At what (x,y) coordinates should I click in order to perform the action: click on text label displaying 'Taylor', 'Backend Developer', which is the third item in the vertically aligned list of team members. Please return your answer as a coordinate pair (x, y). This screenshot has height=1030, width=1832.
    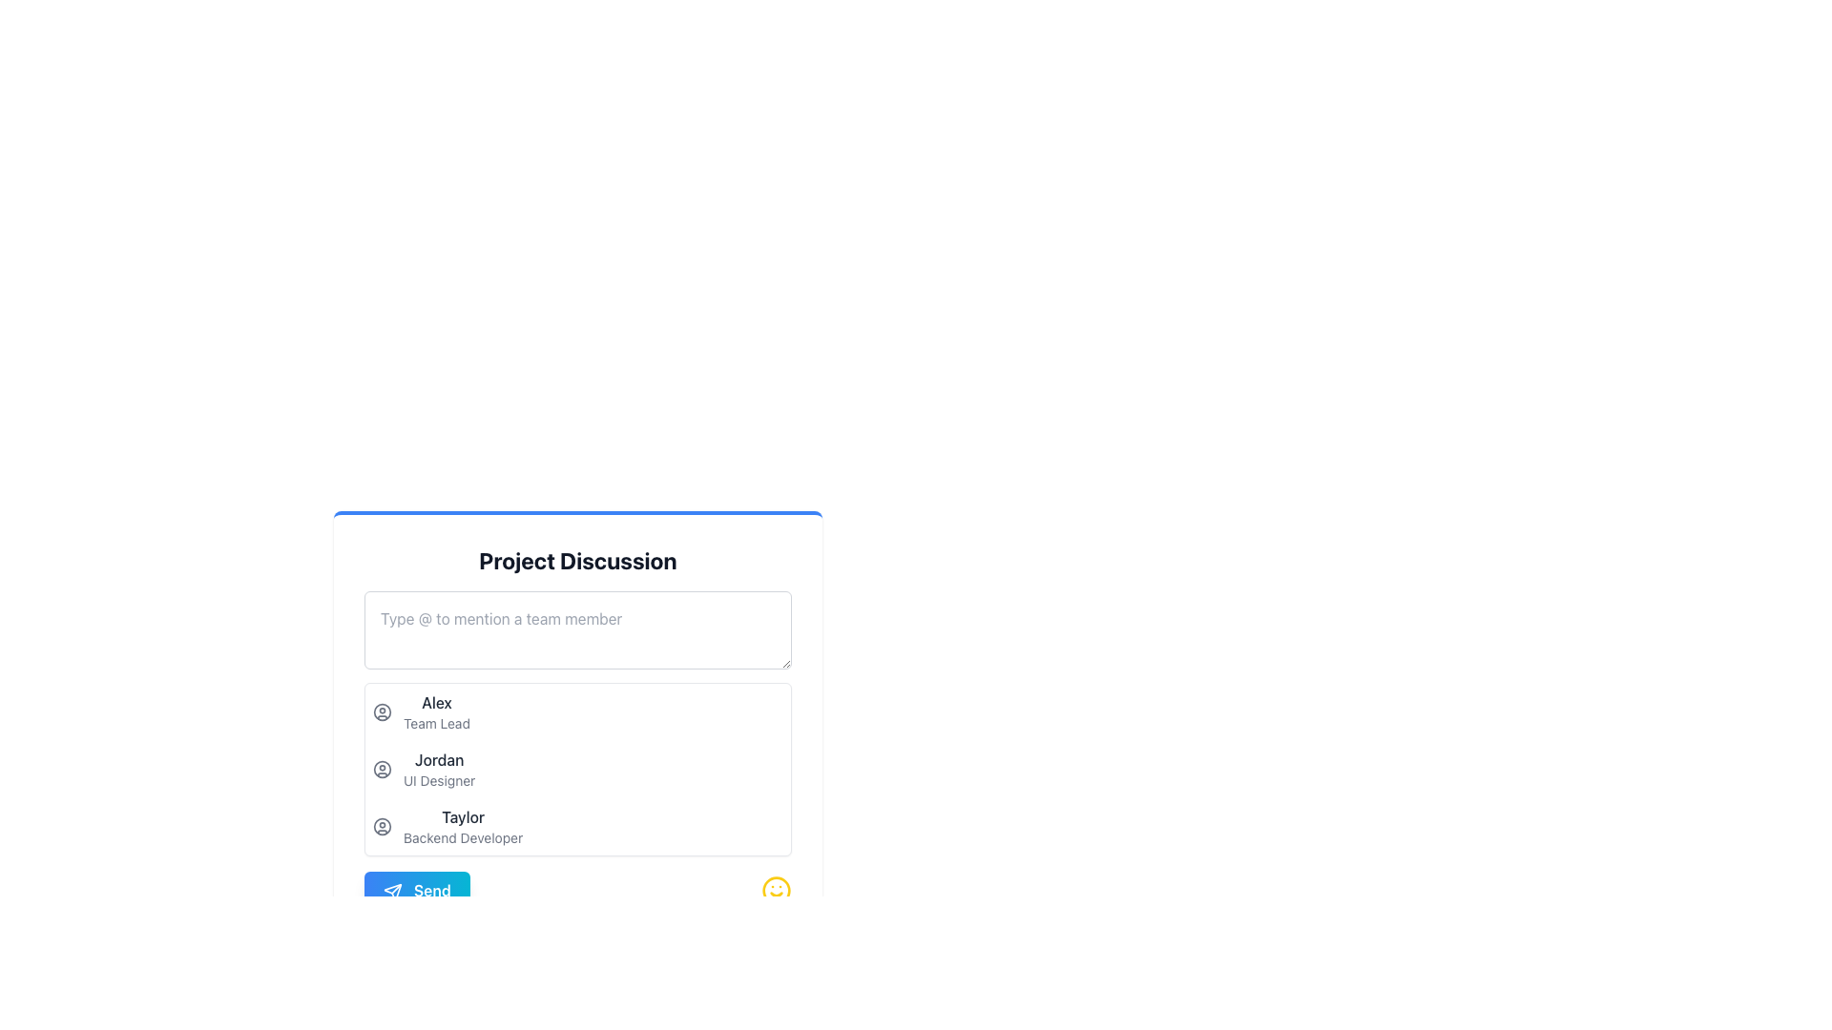
    Looking at the image, I should click on (463, 826).